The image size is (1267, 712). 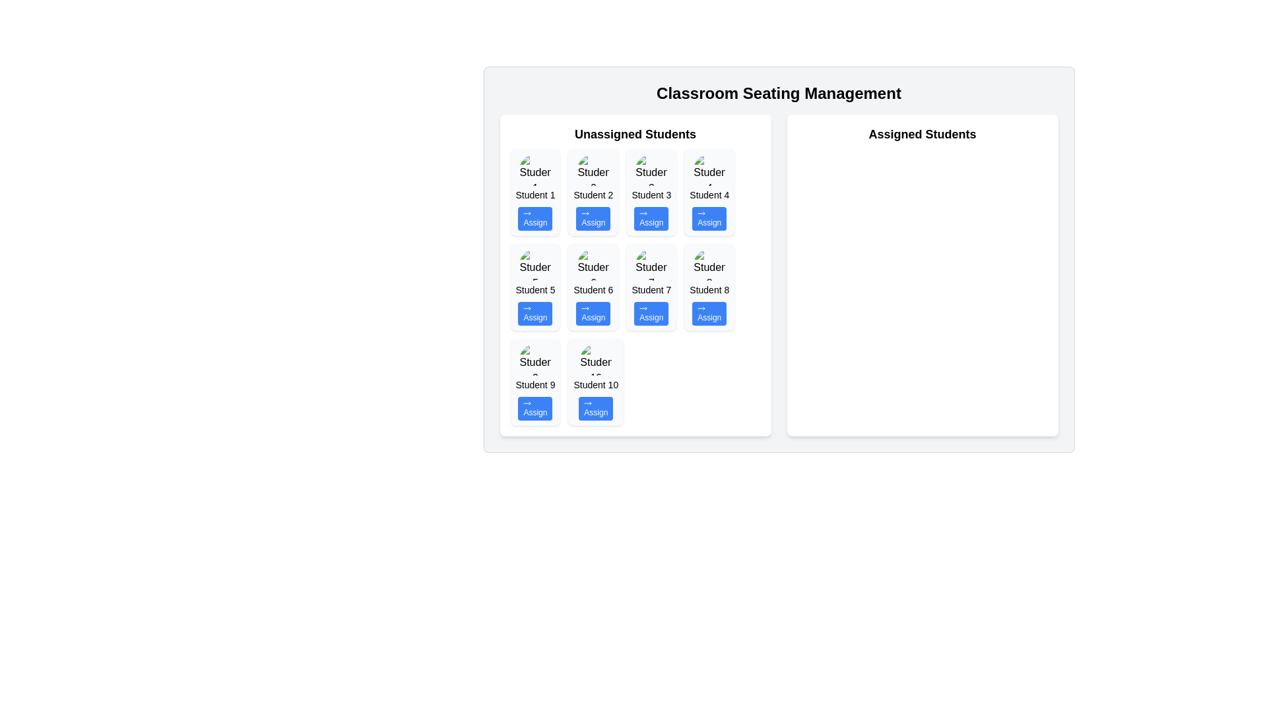 I want to click on to highlight the text label reading 'Assigned Students', which is styled with a bold, large font and located at the top center of the right section of the interface, so click(x=921, y=134).